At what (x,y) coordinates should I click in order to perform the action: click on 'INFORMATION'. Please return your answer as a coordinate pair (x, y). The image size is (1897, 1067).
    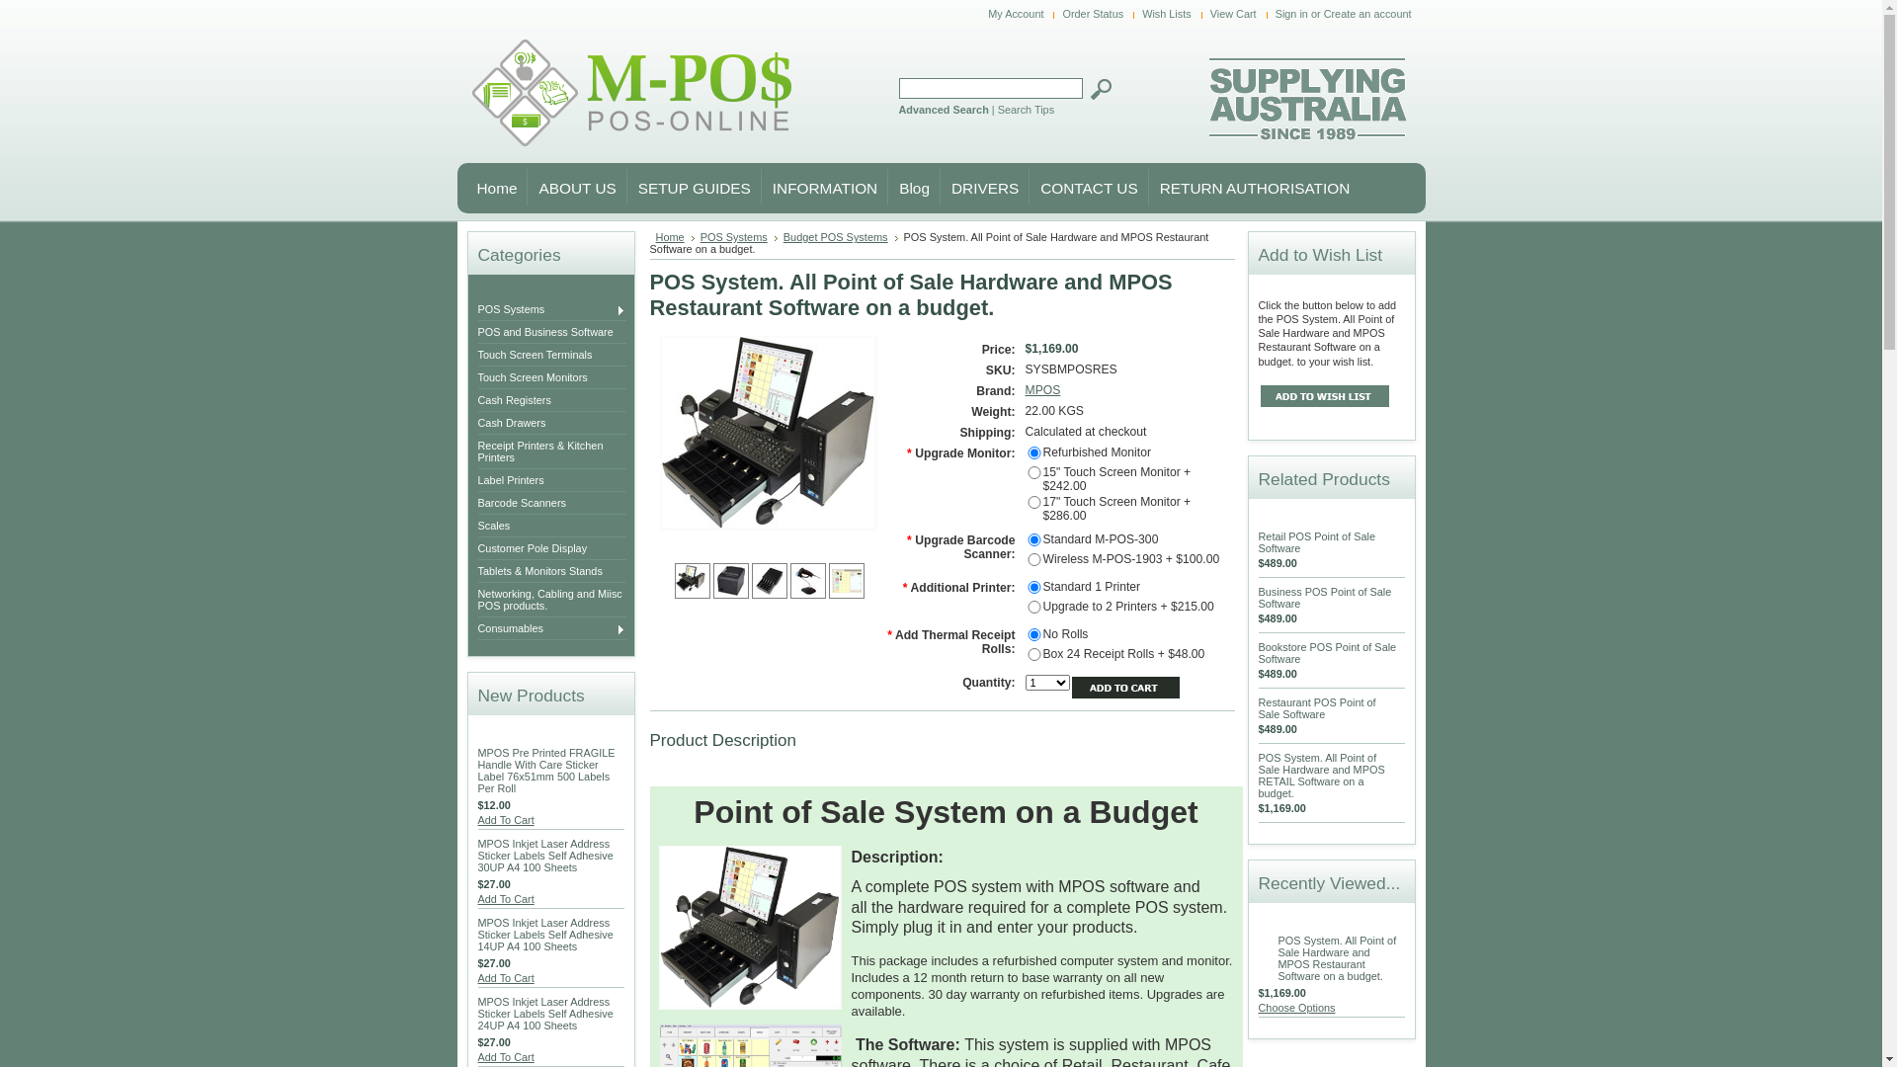
    Looking at the image, I should click on (759, 187).